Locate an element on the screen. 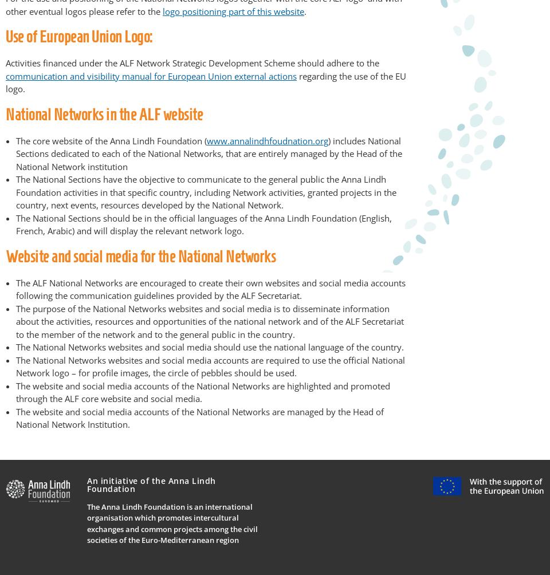 The width and height of the screenshot is (550, 575). 'regarding the use of the EU logo.' is located at coordinates (206, 81).